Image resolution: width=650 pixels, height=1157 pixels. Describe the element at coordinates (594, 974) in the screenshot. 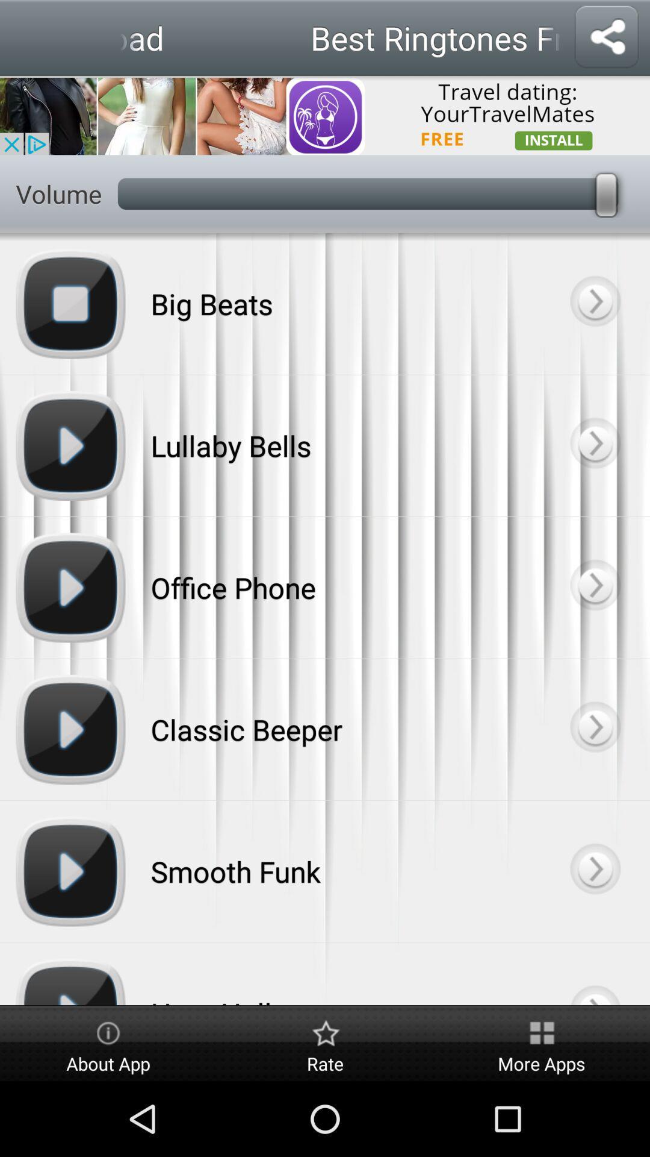

I see `this next button` at that location.